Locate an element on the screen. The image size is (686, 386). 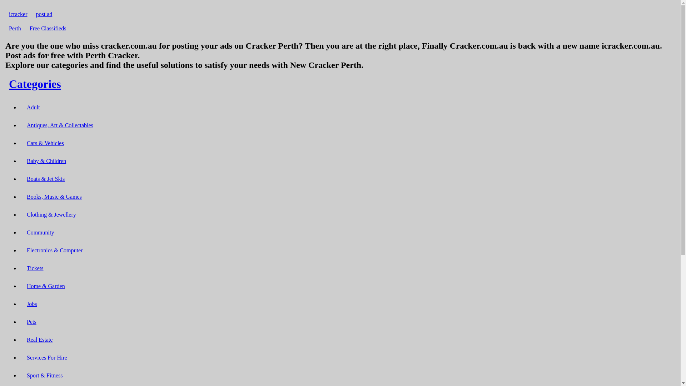
'Categories' is located at coordinates (34, 84).